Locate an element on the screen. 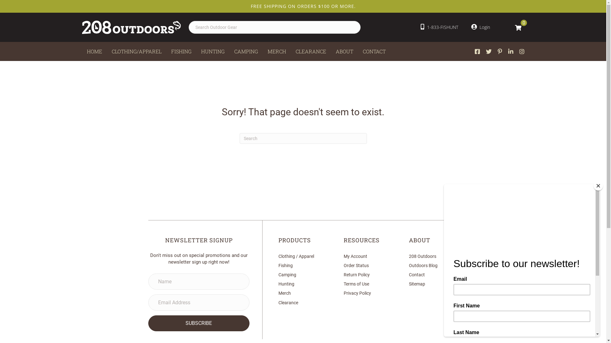 This screenshot has width=611, height=343. 'SUBSCRIBE' is located at coordinates (148, 323).